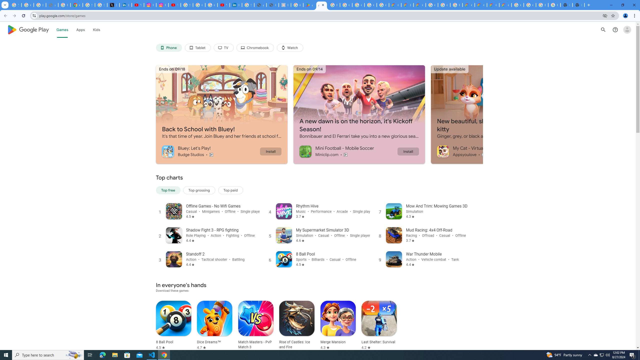 The height and width of the screenshot is (360, 640). I want to click on 'Google Cloud Platform', so click(530, 5).